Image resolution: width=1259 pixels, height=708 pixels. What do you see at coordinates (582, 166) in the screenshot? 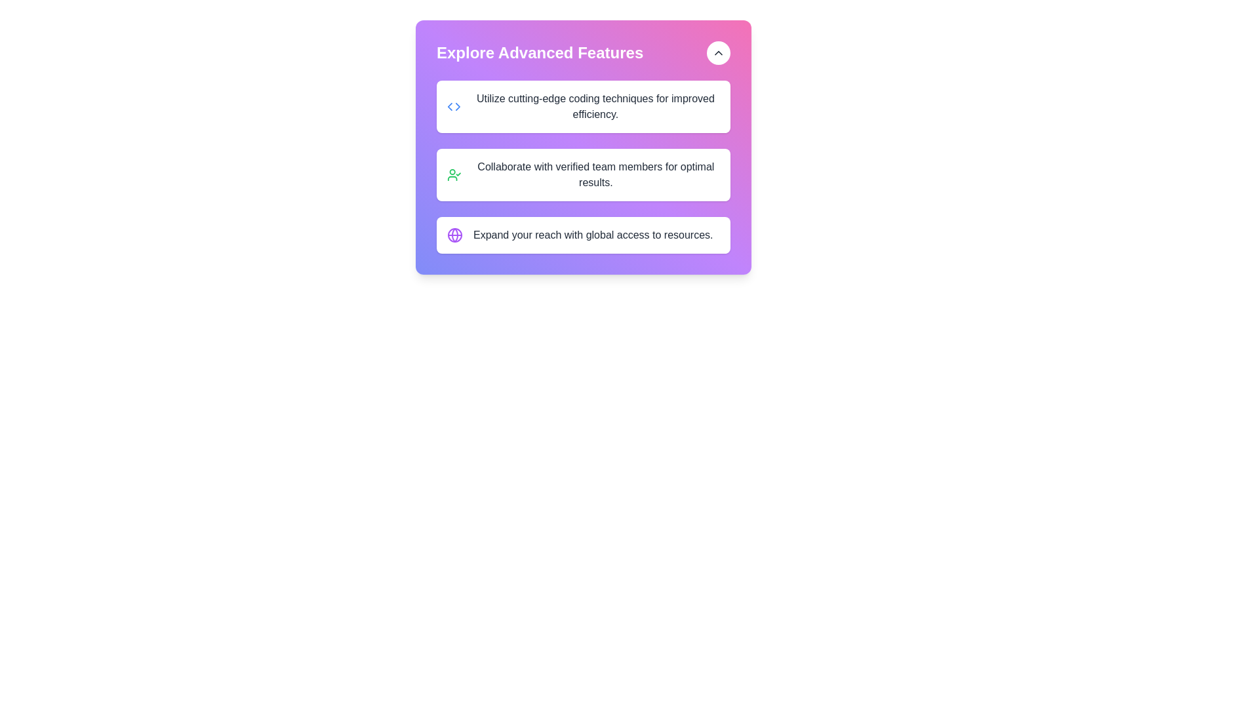
I see `the icons on the composite informational panel titled 'Explore Advanced Features' for more information, which contains three sections of text with accompanying icons` at bounding box center [582, 166].